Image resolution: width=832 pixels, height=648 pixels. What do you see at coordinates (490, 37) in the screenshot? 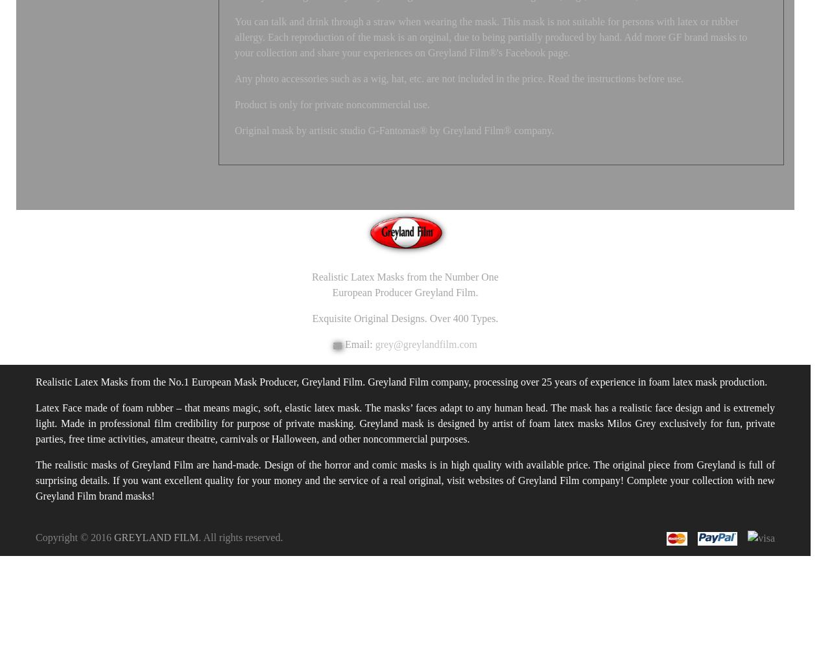
I see `'You can talk and drink through a straw when wearing the mask. This mask is not suitable for persons with latex or rubber allergy. Each reproduction of the mask is an orginal, due to being partially produced by hand. Add more GF brand masks to your collection and share your experiences on Greyland Film®'s Facebook page.'` at bounding box center [490, 37].